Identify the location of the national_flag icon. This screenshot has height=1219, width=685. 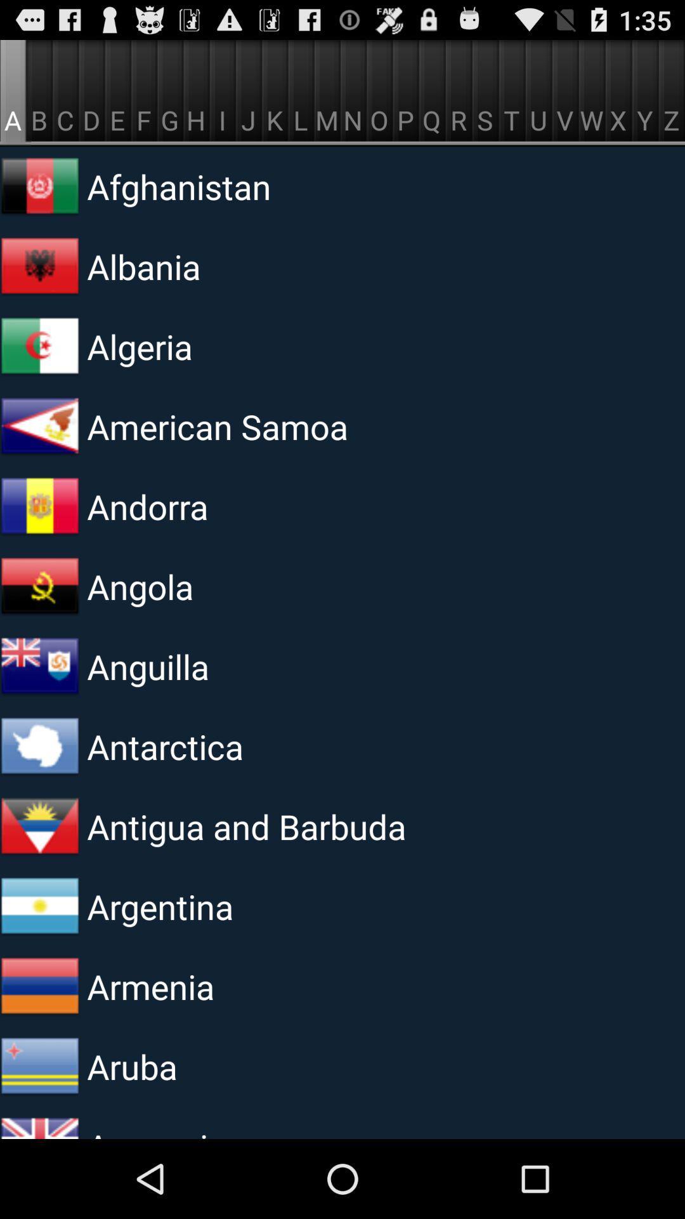
(39, 1142).